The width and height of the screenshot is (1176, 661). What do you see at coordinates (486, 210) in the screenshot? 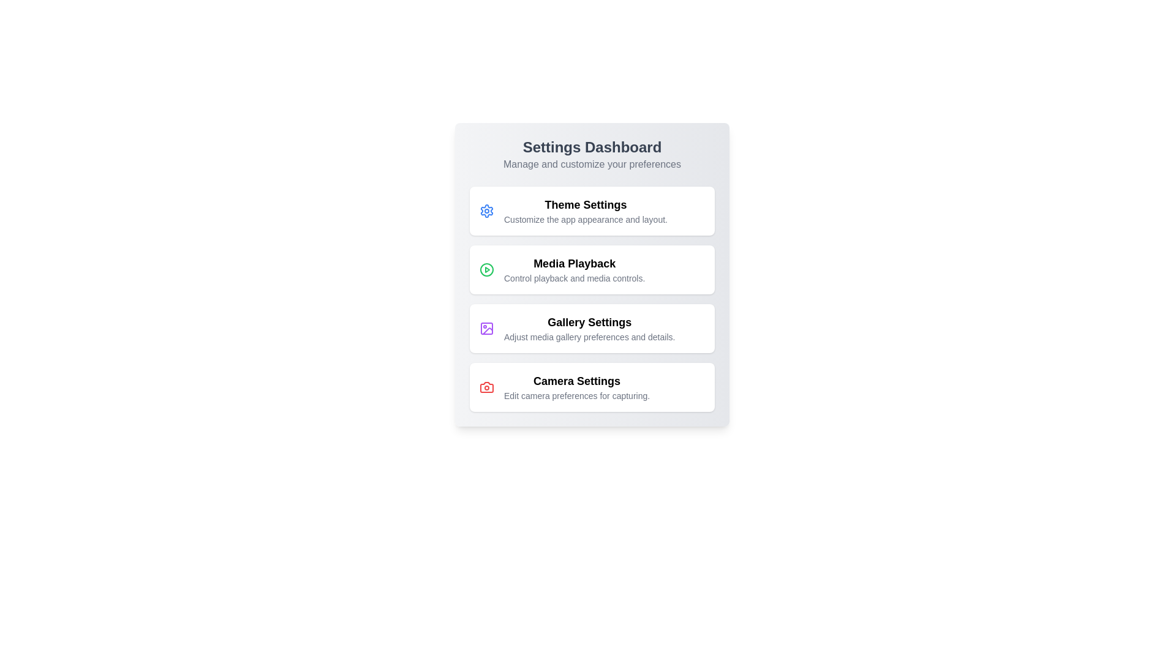
I see `the gear-shaped settings icon with a blue outline located in the top-left section of the 'Theme Settings' card` at bounding box center [486, 210].